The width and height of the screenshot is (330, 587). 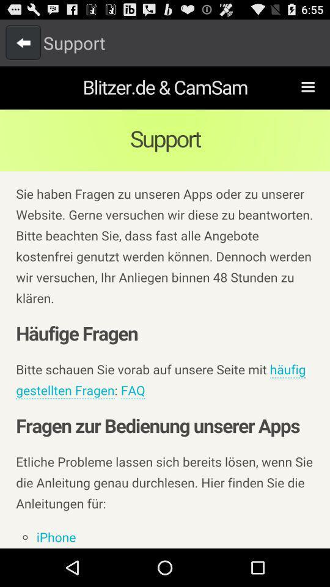 I want to click on the arrow_backward icon, so click(x=23, y=45).